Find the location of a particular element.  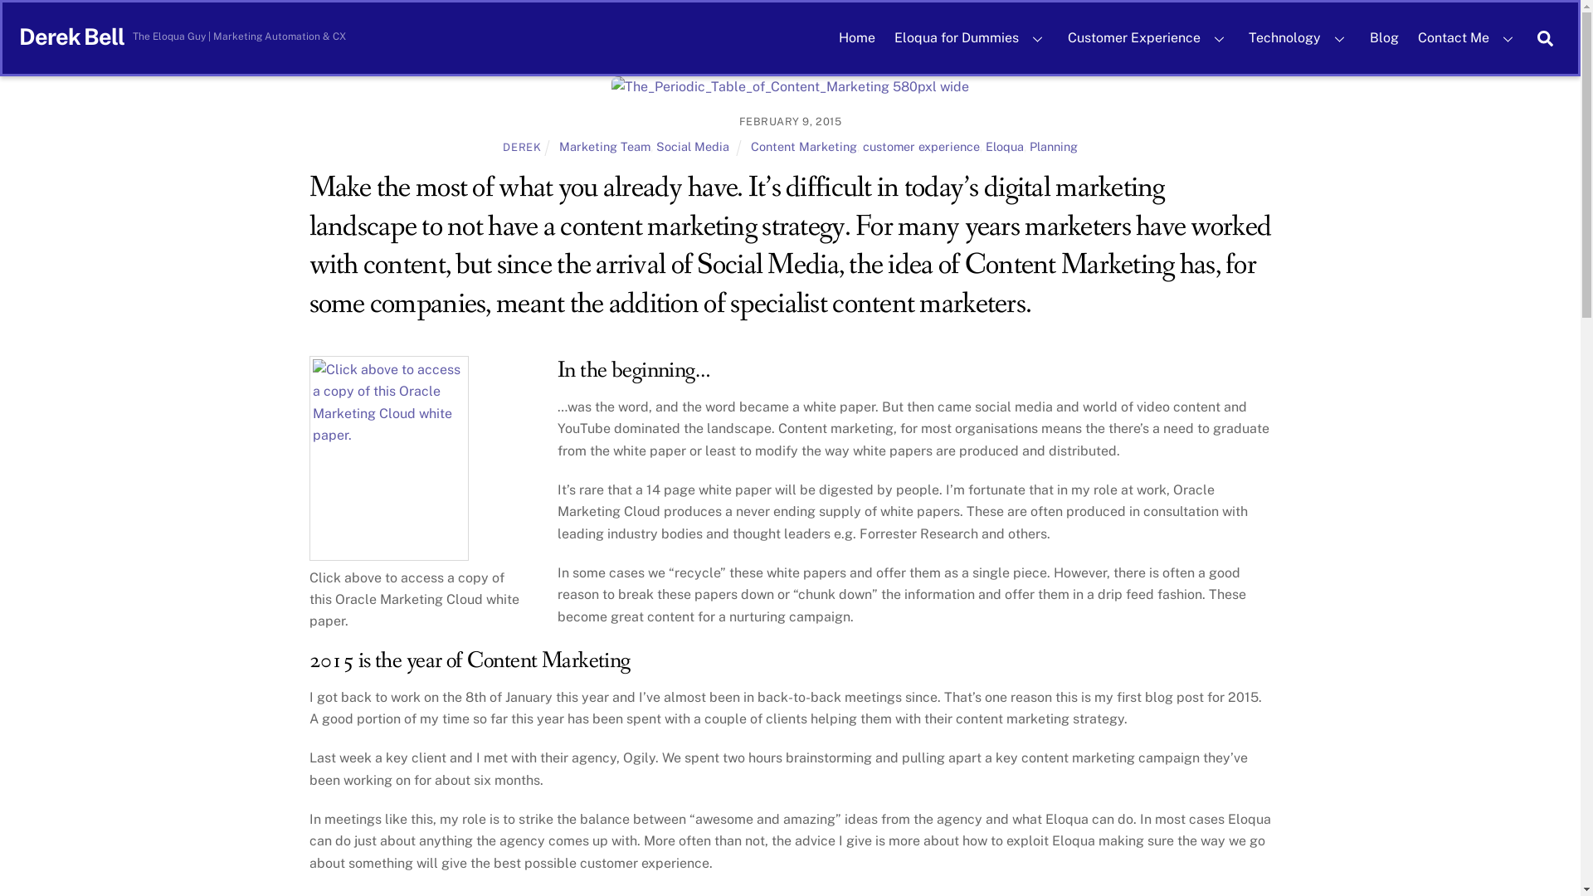

'Search' is located at coordinates (1544, 37).